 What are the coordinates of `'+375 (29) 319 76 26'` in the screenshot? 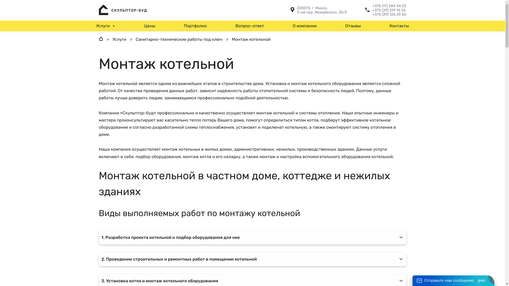 It's located at (389, 10).